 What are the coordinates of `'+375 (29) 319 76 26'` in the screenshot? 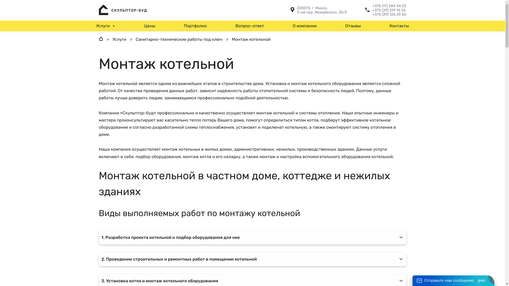 It's located at (389, 10).